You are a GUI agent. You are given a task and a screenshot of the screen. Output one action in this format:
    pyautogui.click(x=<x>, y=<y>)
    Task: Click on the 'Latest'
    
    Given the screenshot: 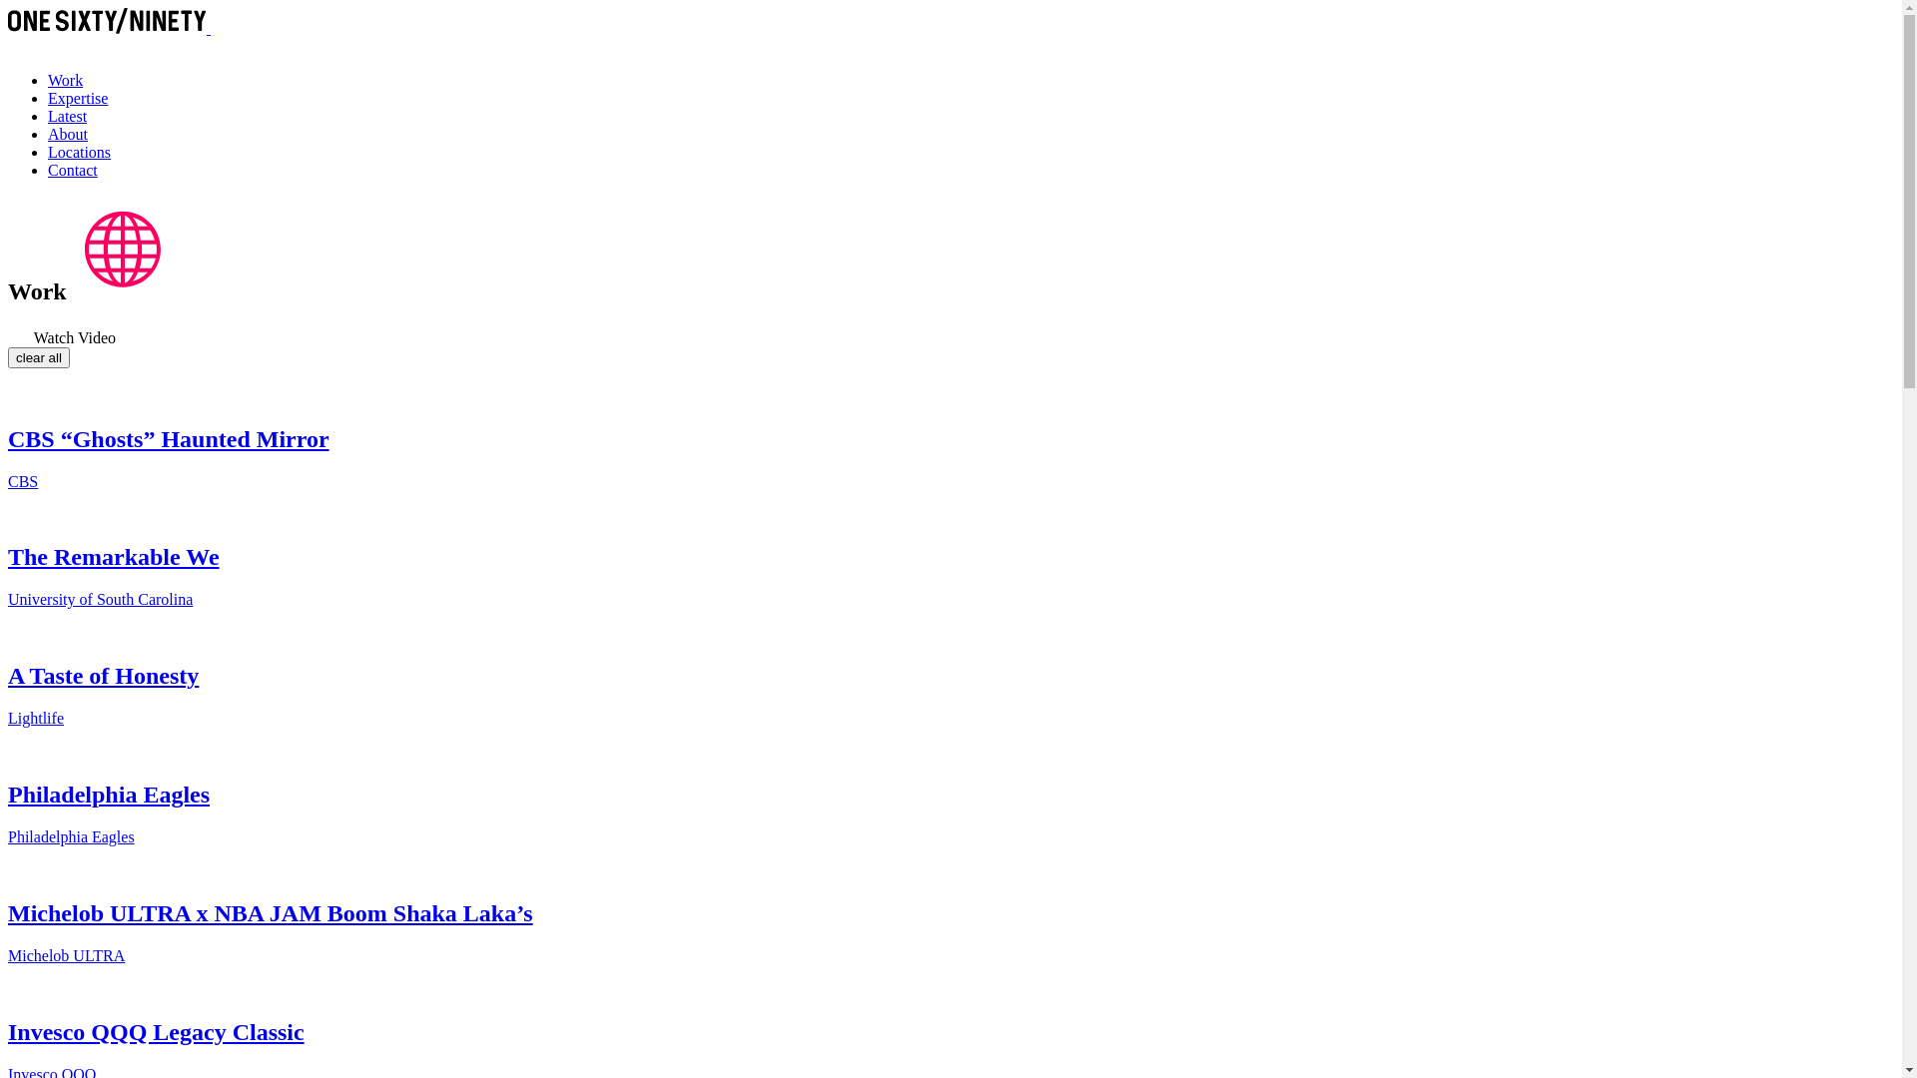 What is the action you would take?
    pyautogui.click(x=67, y=116)
    